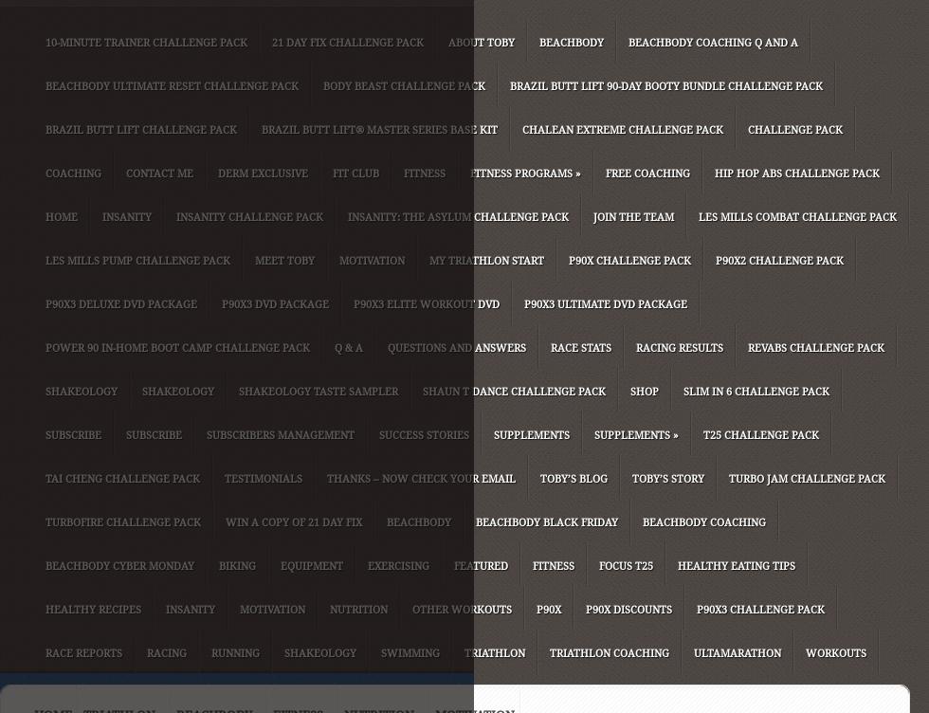 This screenshot has height=713, width=929. What do you see at coordinates (46, 217) in the screenshot?
I see `'Home'` at bounding box center [46, 217].